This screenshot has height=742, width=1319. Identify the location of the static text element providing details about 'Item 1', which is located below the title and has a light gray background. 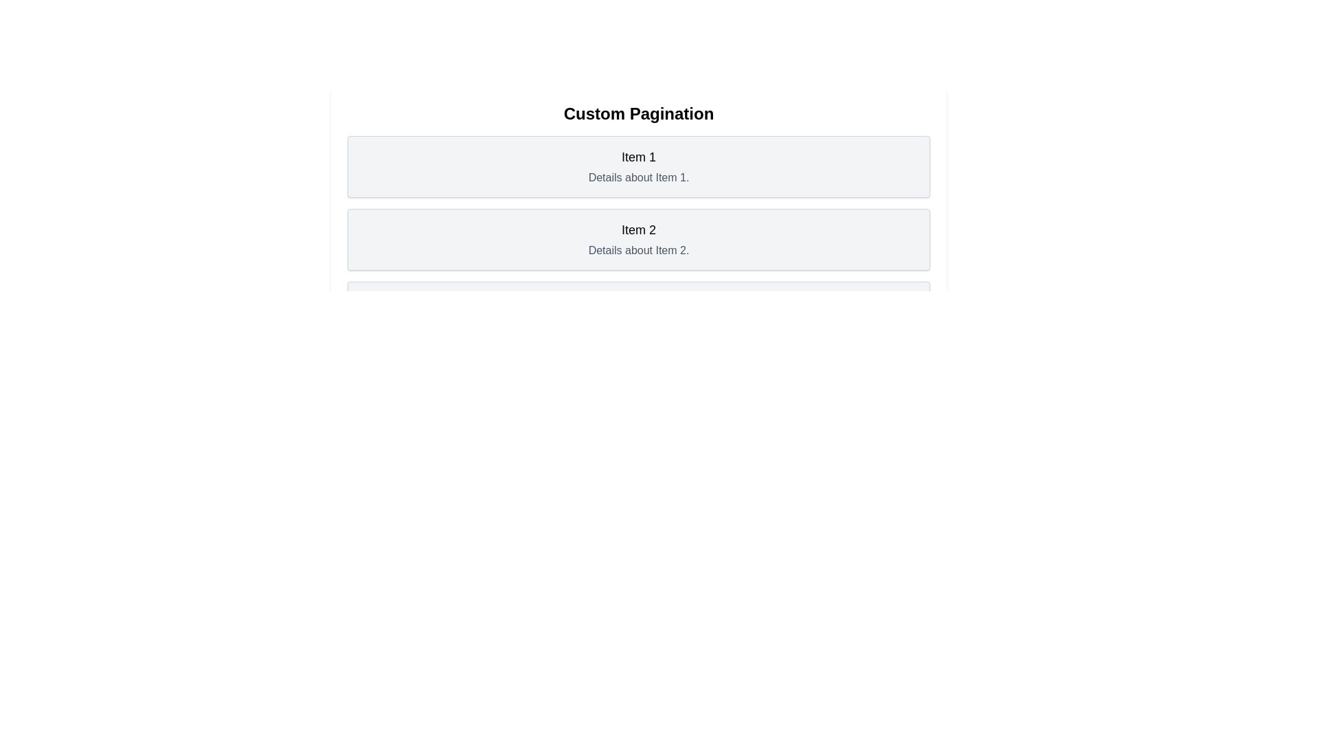
(638, 177).